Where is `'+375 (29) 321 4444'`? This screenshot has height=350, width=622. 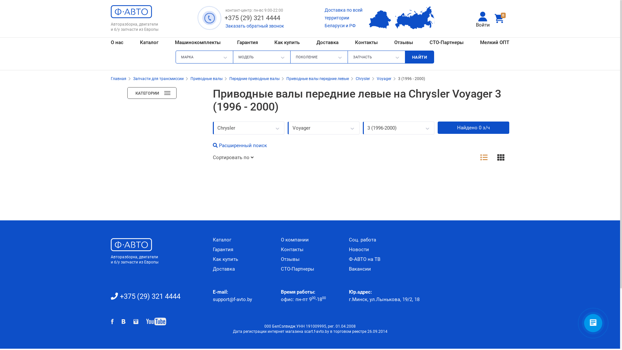 '+375 (29) 321 4444' is located at coordinates (252, 17).